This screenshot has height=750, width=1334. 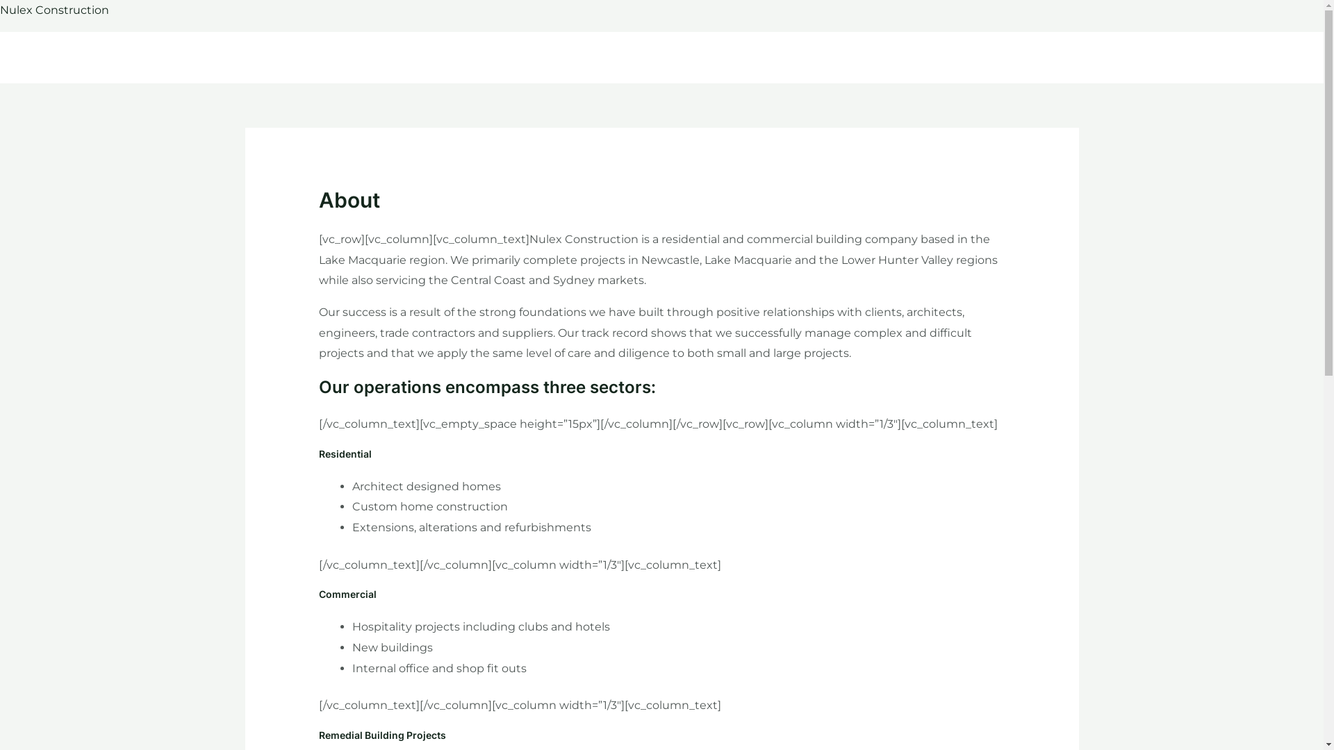 I want to click on 'Nulex Construction', so click(x=54, y=10).